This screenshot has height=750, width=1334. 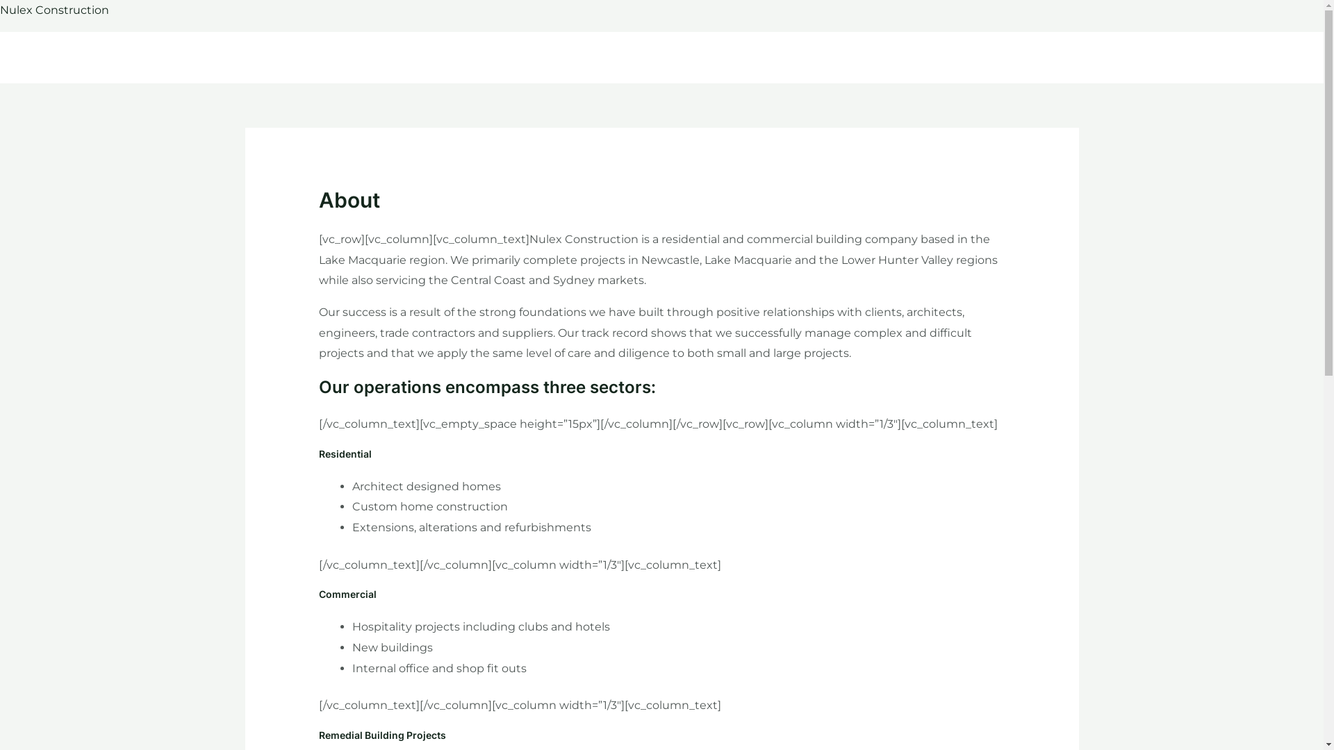 I want to click on 'Nulex Construction', so click(x=54, y=10).